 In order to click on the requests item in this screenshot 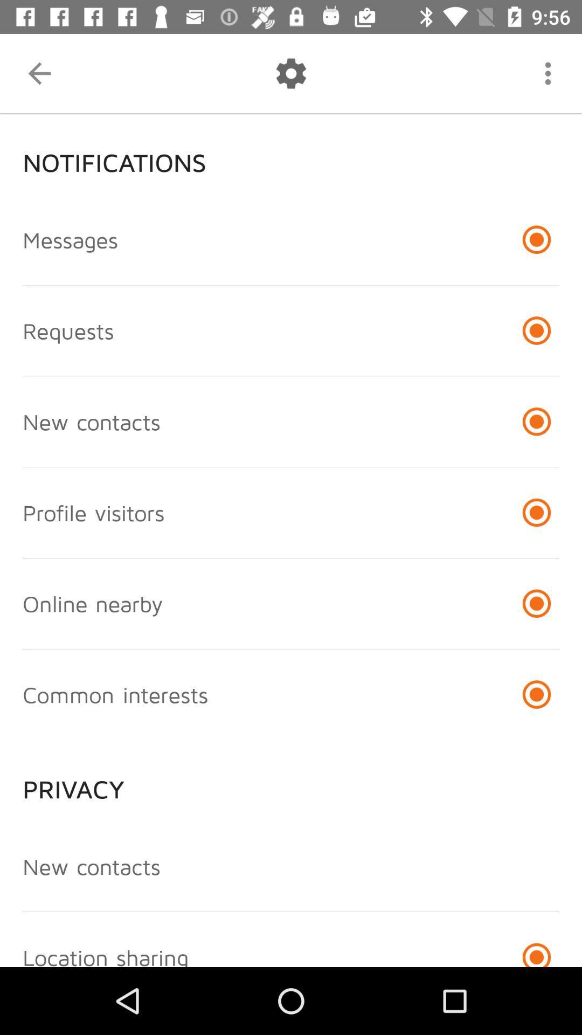, I will do `click(68, 330)`.